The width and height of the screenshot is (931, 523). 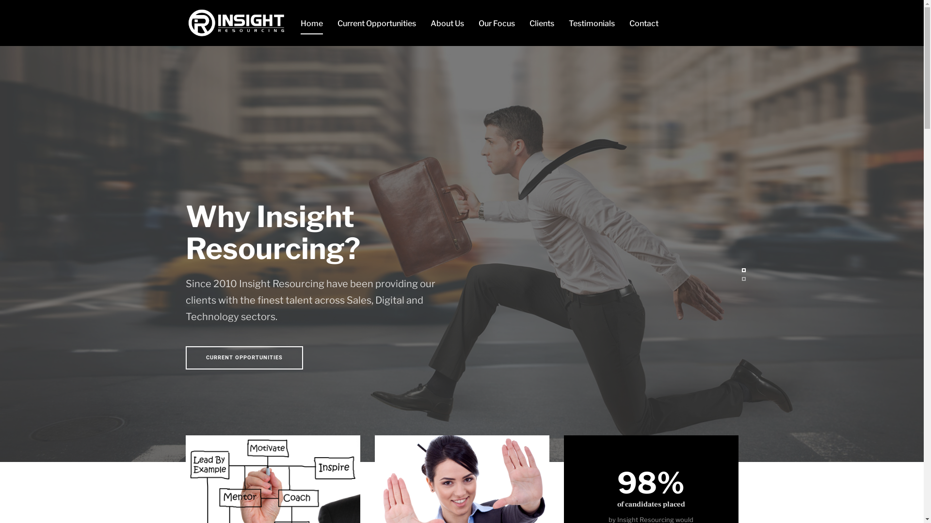 I want to click on 'Contact', so click(x=644, y=22).